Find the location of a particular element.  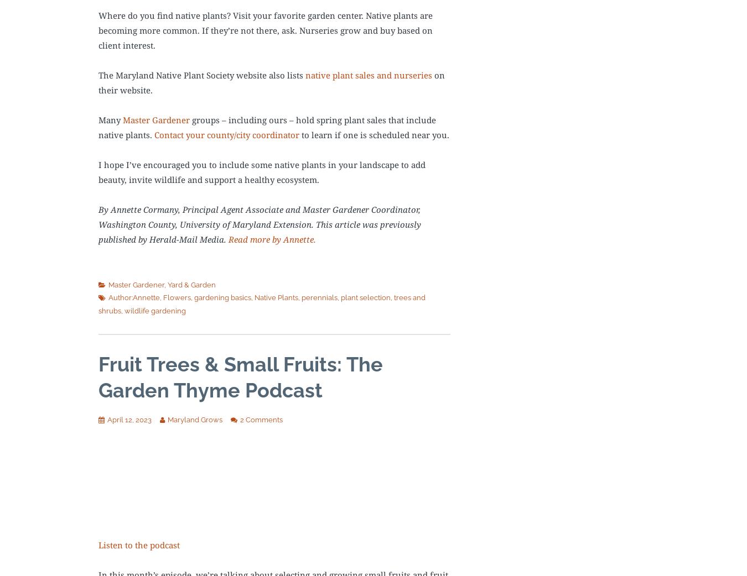

'Where do you find native plants? Visit your favorite garden center. Native plants are becoming more common. If they’re not there, ask. Nurseries grow and buy based on client interest.' is located at coordinates (265, 29).